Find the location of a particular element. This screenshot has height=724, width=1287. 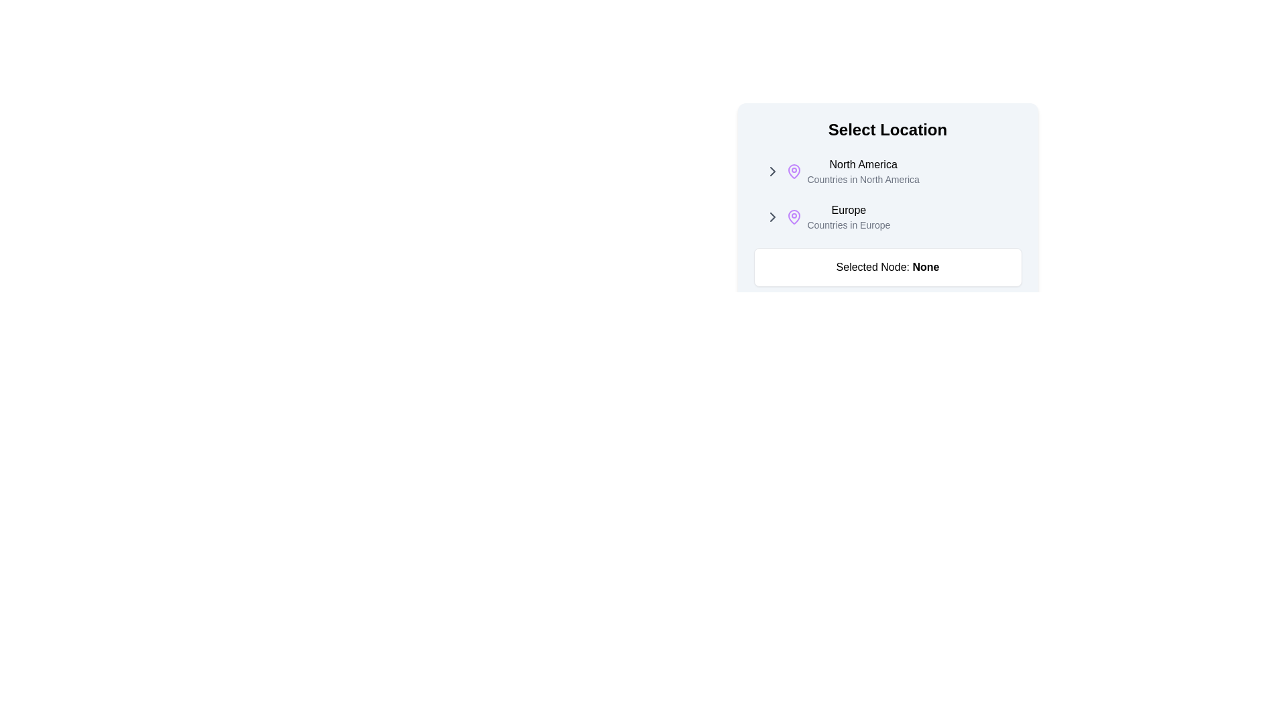

the icon to the left of the 'North America' text is located at coordinates (772, 170).